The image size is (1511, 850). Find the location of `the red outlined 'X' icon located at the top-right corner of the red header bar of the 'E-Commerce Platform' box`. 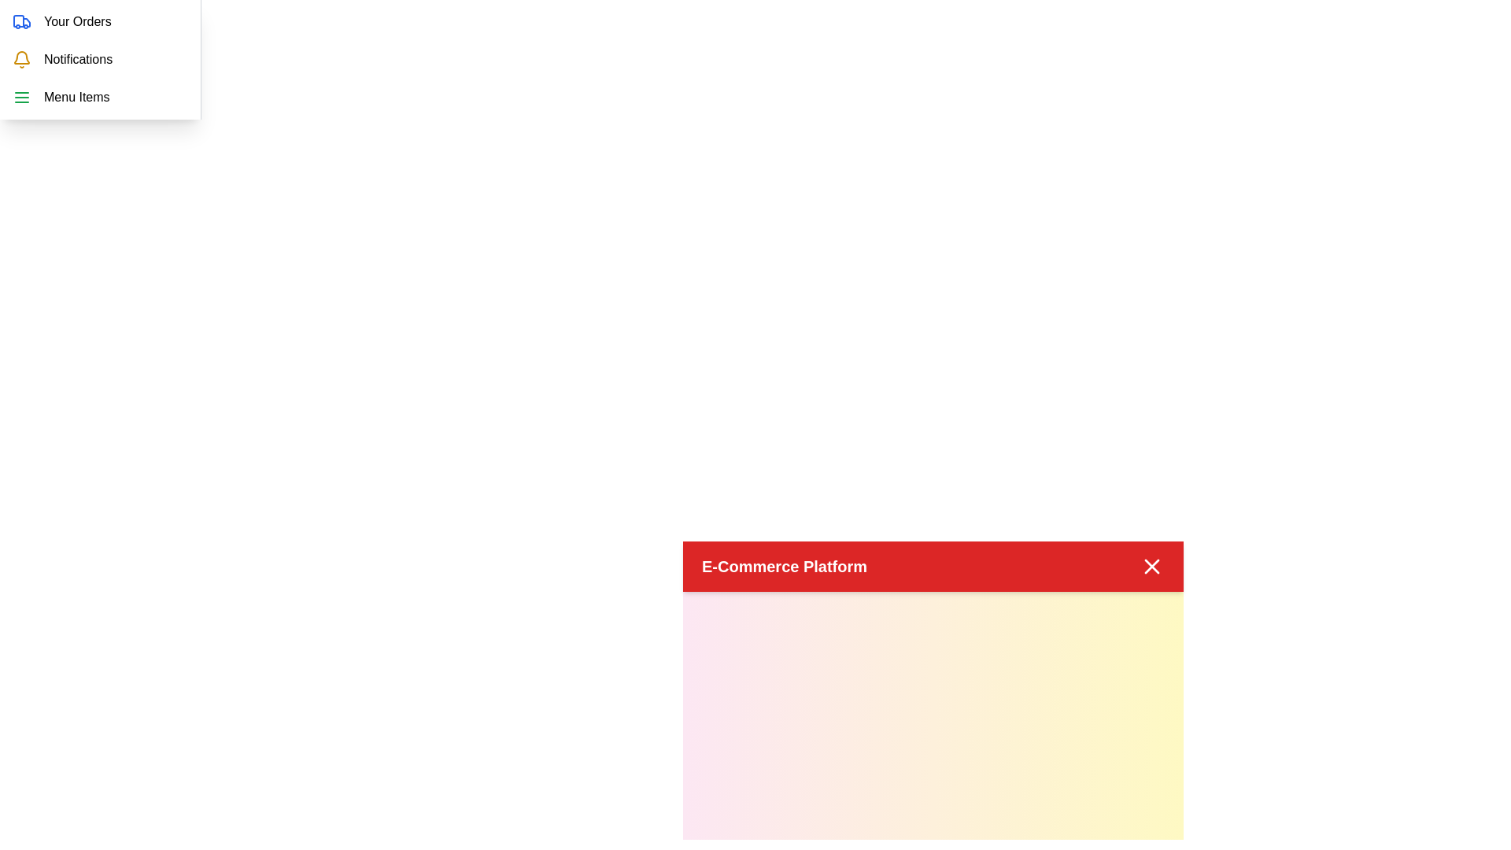

the red outlined 'X' icon located at the top-right corner of the red header bar of the 'E-Commerce Platform' box is located at coordinates (1152, 567).